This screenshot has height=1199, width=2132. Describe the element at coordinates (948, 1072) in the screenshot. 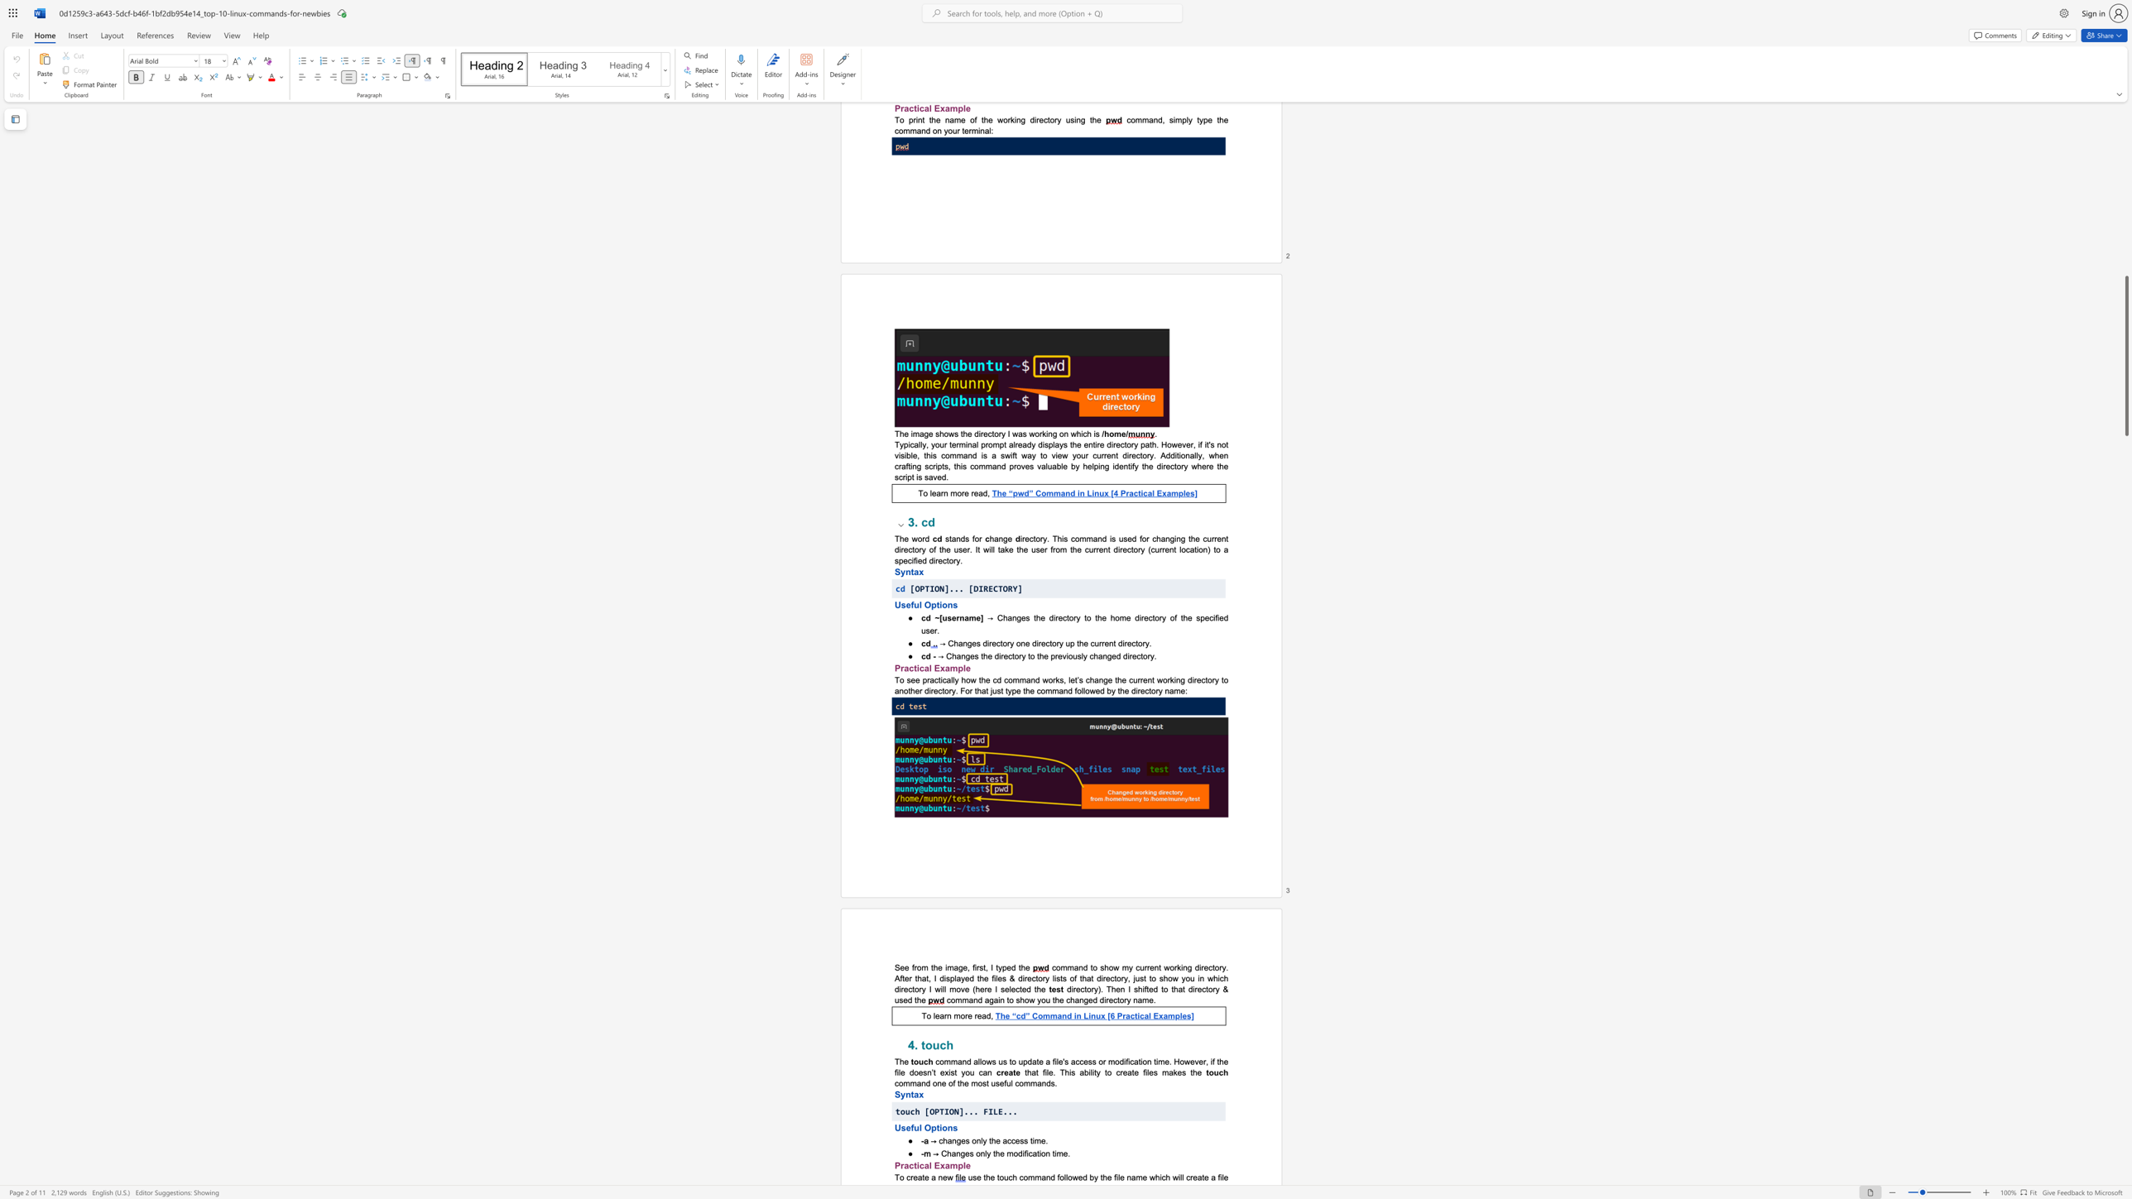

I see `the 1th character "i" in the text` at that location.